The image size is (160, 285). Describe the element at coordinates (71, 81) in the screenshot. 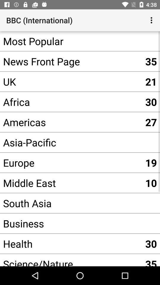

I see `the uk` at that location.